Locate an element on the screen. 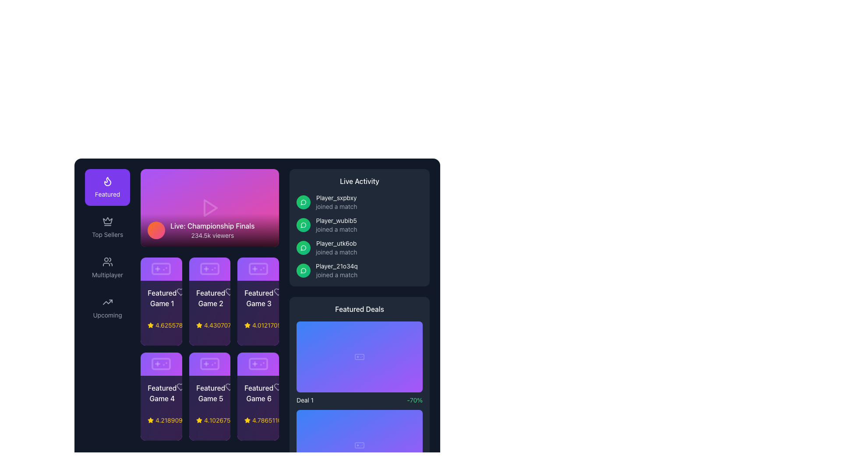 Image resolution: width=841 pixels, height=473 pixels. the text label displaying 'Featured Game 1', which is located in the top-left card of a 3x2 grid and is part of a dark background card layout is located at coordinates (162, 297).